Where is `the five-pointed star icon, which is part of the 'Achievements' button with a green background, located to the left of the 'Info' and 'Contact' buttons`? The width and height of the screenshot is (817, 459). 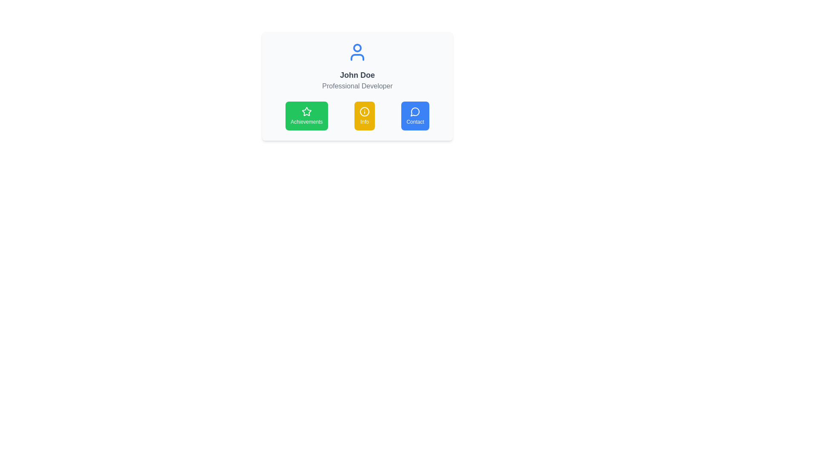
the five-pointed star icon, which is part of the 'Achievements' button with a green background, located to the left of the 'Info' and 'Contact' buttons is located at coordinates (306, 111).